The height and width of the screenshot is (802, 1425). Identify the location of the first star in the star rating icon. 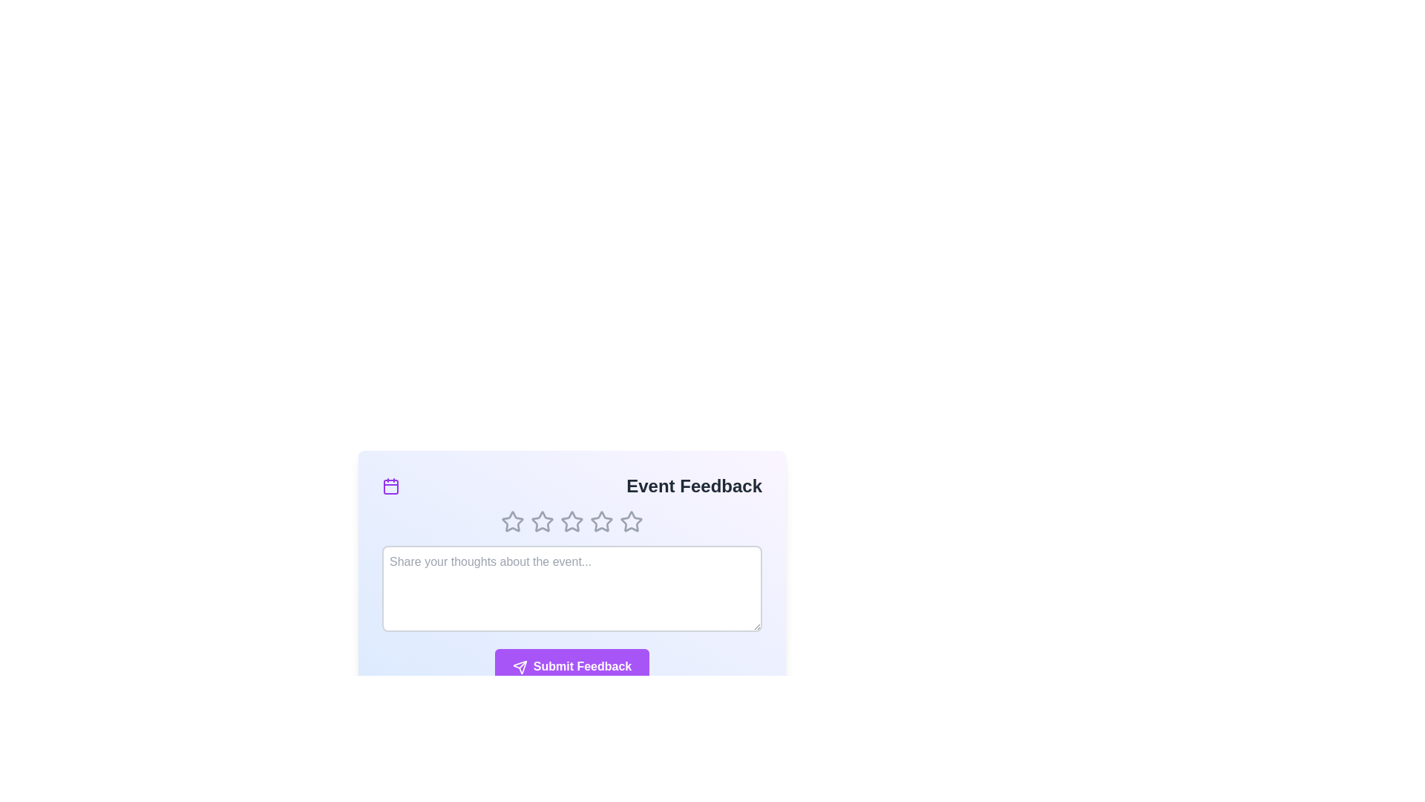
(513, 521).